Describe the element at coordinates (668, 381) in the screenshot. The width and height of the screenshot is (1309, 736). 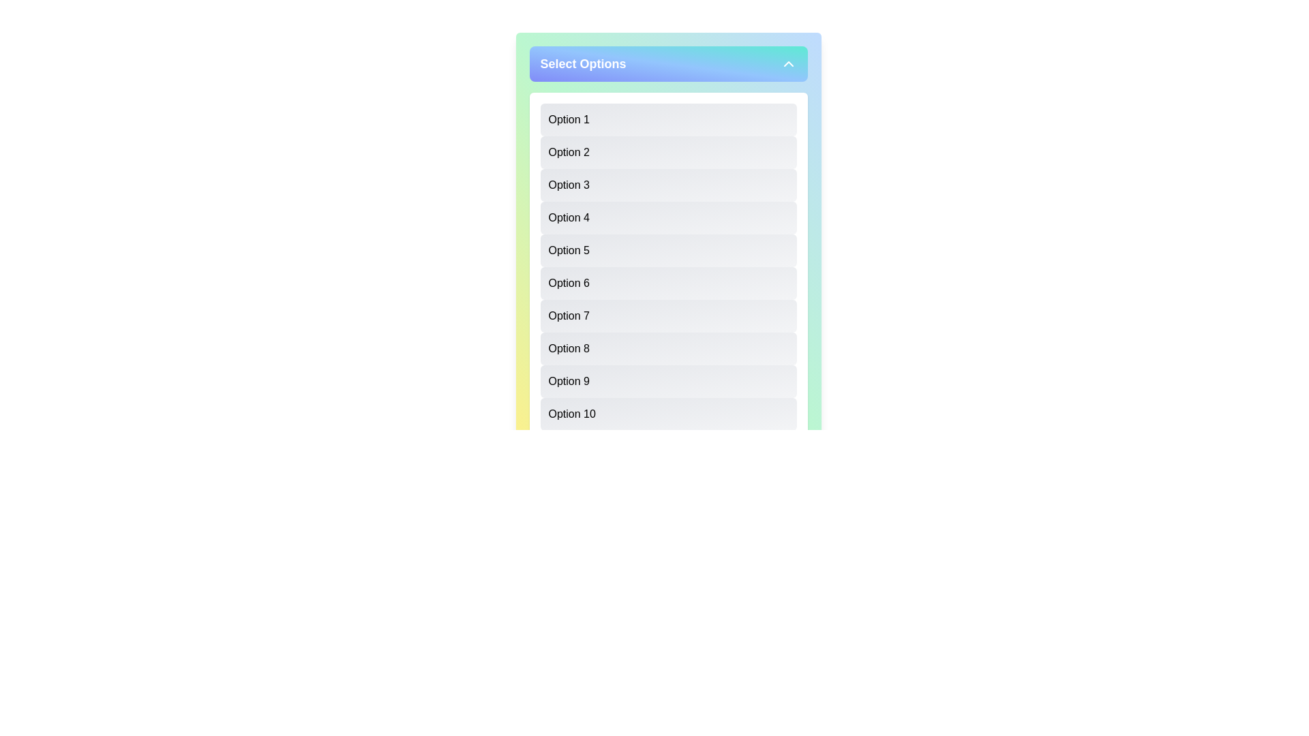
I see `the ninth option button in the vertical list` at that location.